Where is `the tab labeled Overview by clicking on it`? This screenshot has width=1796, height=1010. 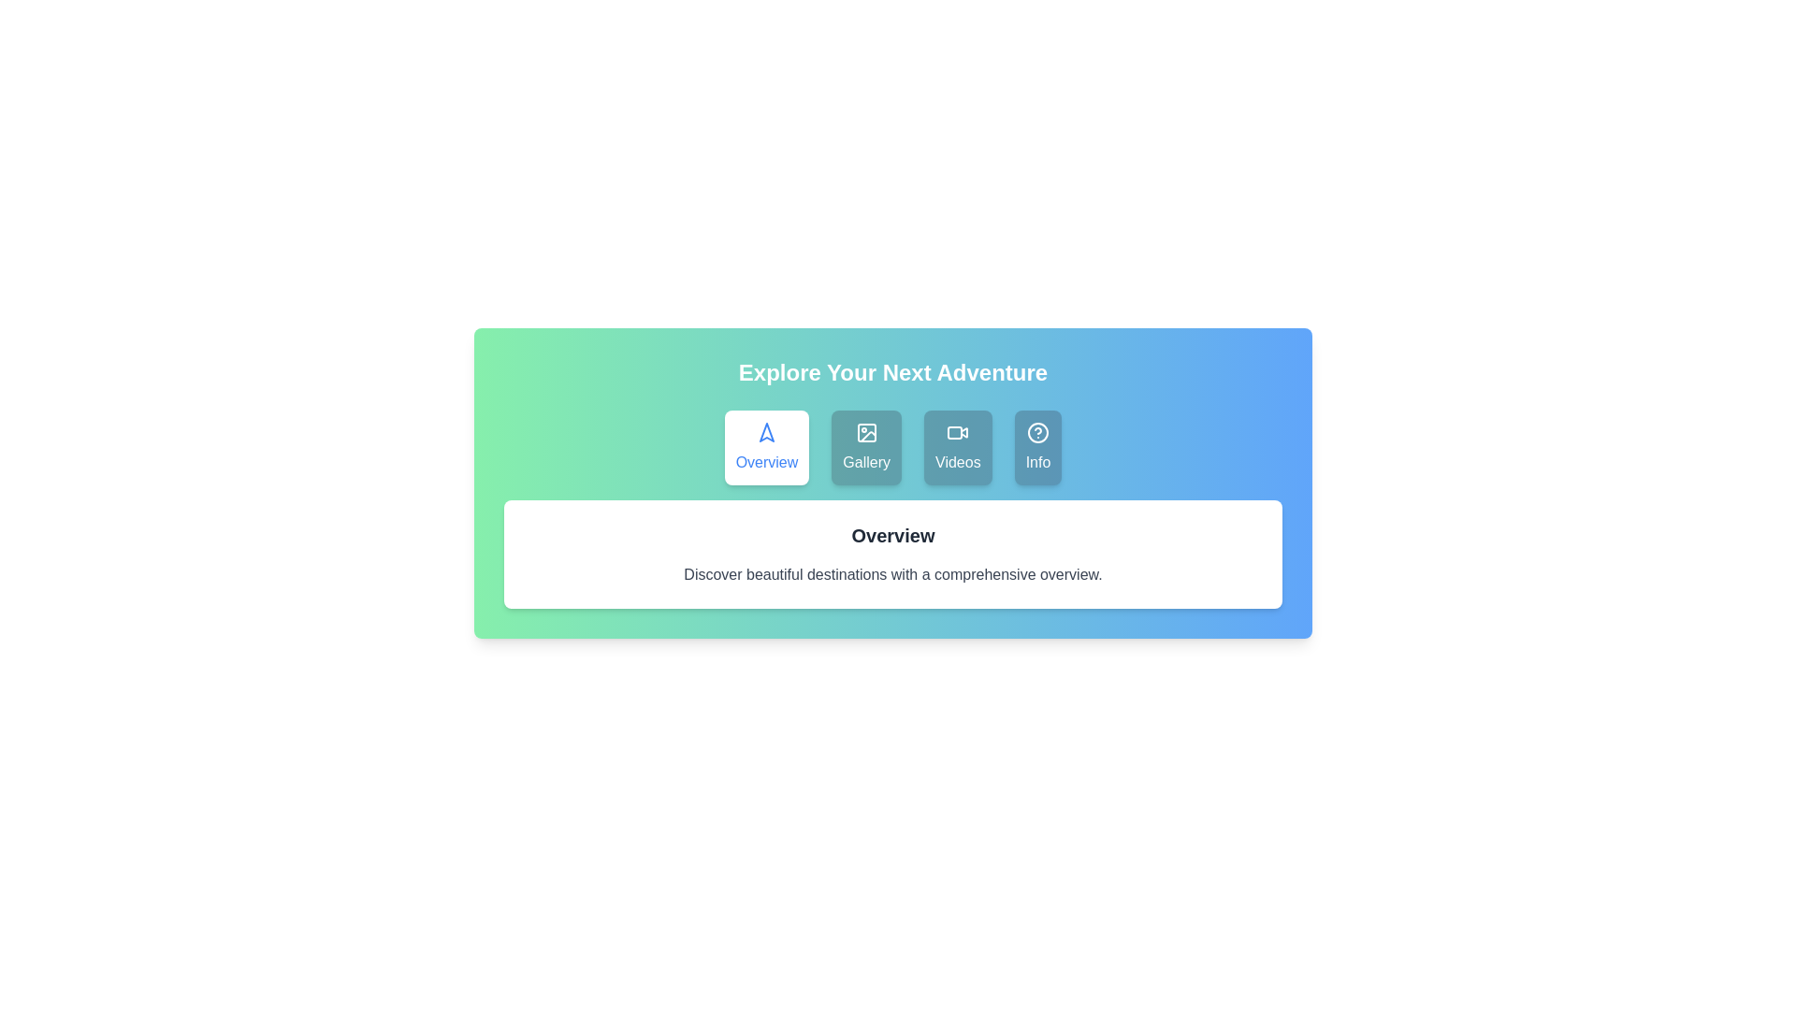 the tab labeled Overview by clicking on it is located at coordinates (767, 447).